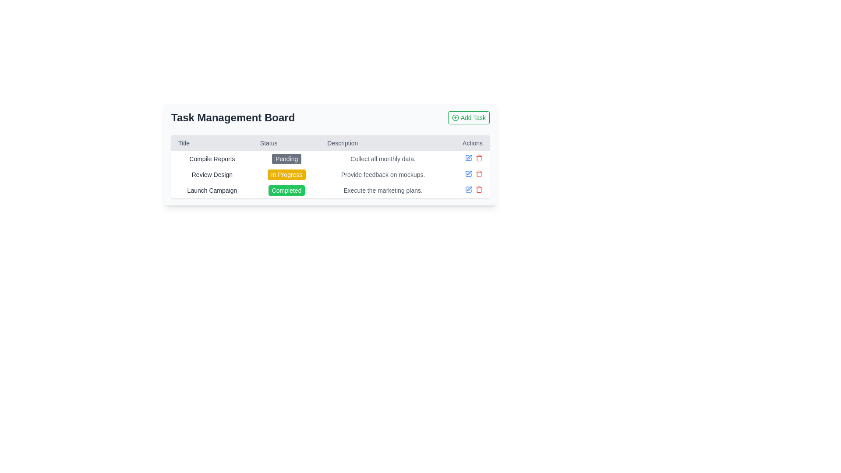  What do you see at coordinates (479, 174) in the screenshot?
I see `the trash icon representing the delete functionality in the 'Actions' column of the row for the task 'Review Design'` at bounding box center [479, 174].